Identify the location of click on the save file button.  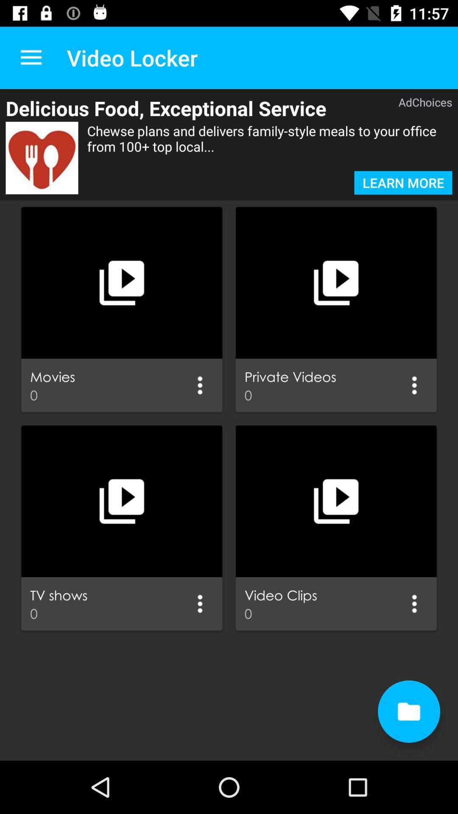
(408, 711).